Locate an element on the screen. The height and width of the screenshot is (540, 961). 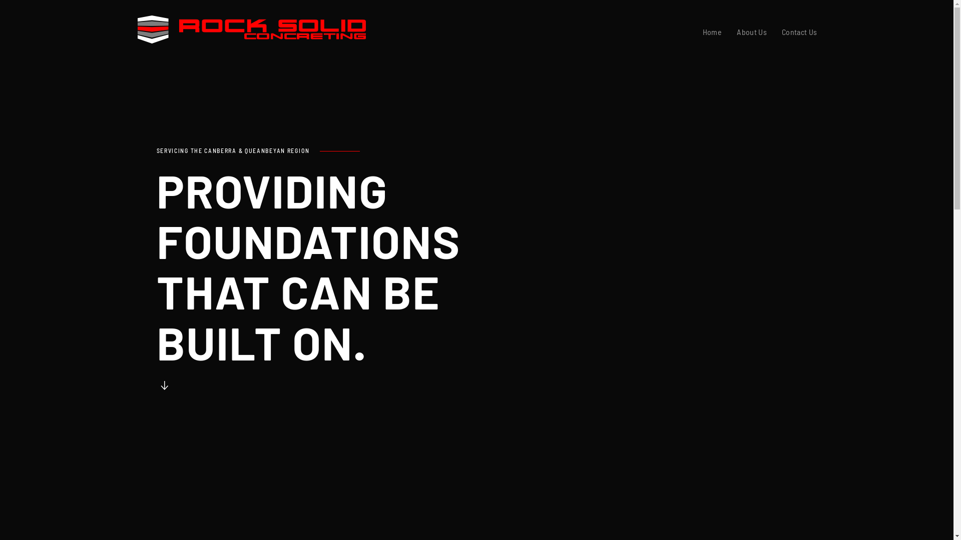
'Contact Us' is located at coordinates (799, 31).